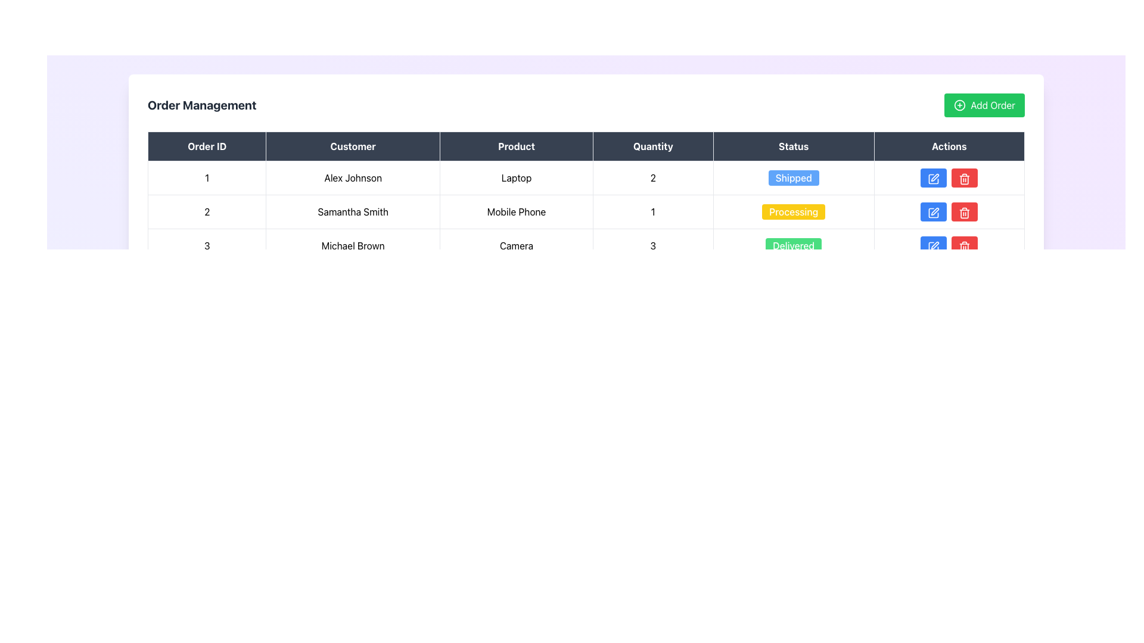 Image resolution: width=1144 pixels, height=643 pixels. What do you see at coordinates (207, 211) in the screenshot?
I see `the table cell containing the text '2'` at bounding box center [207, 211].